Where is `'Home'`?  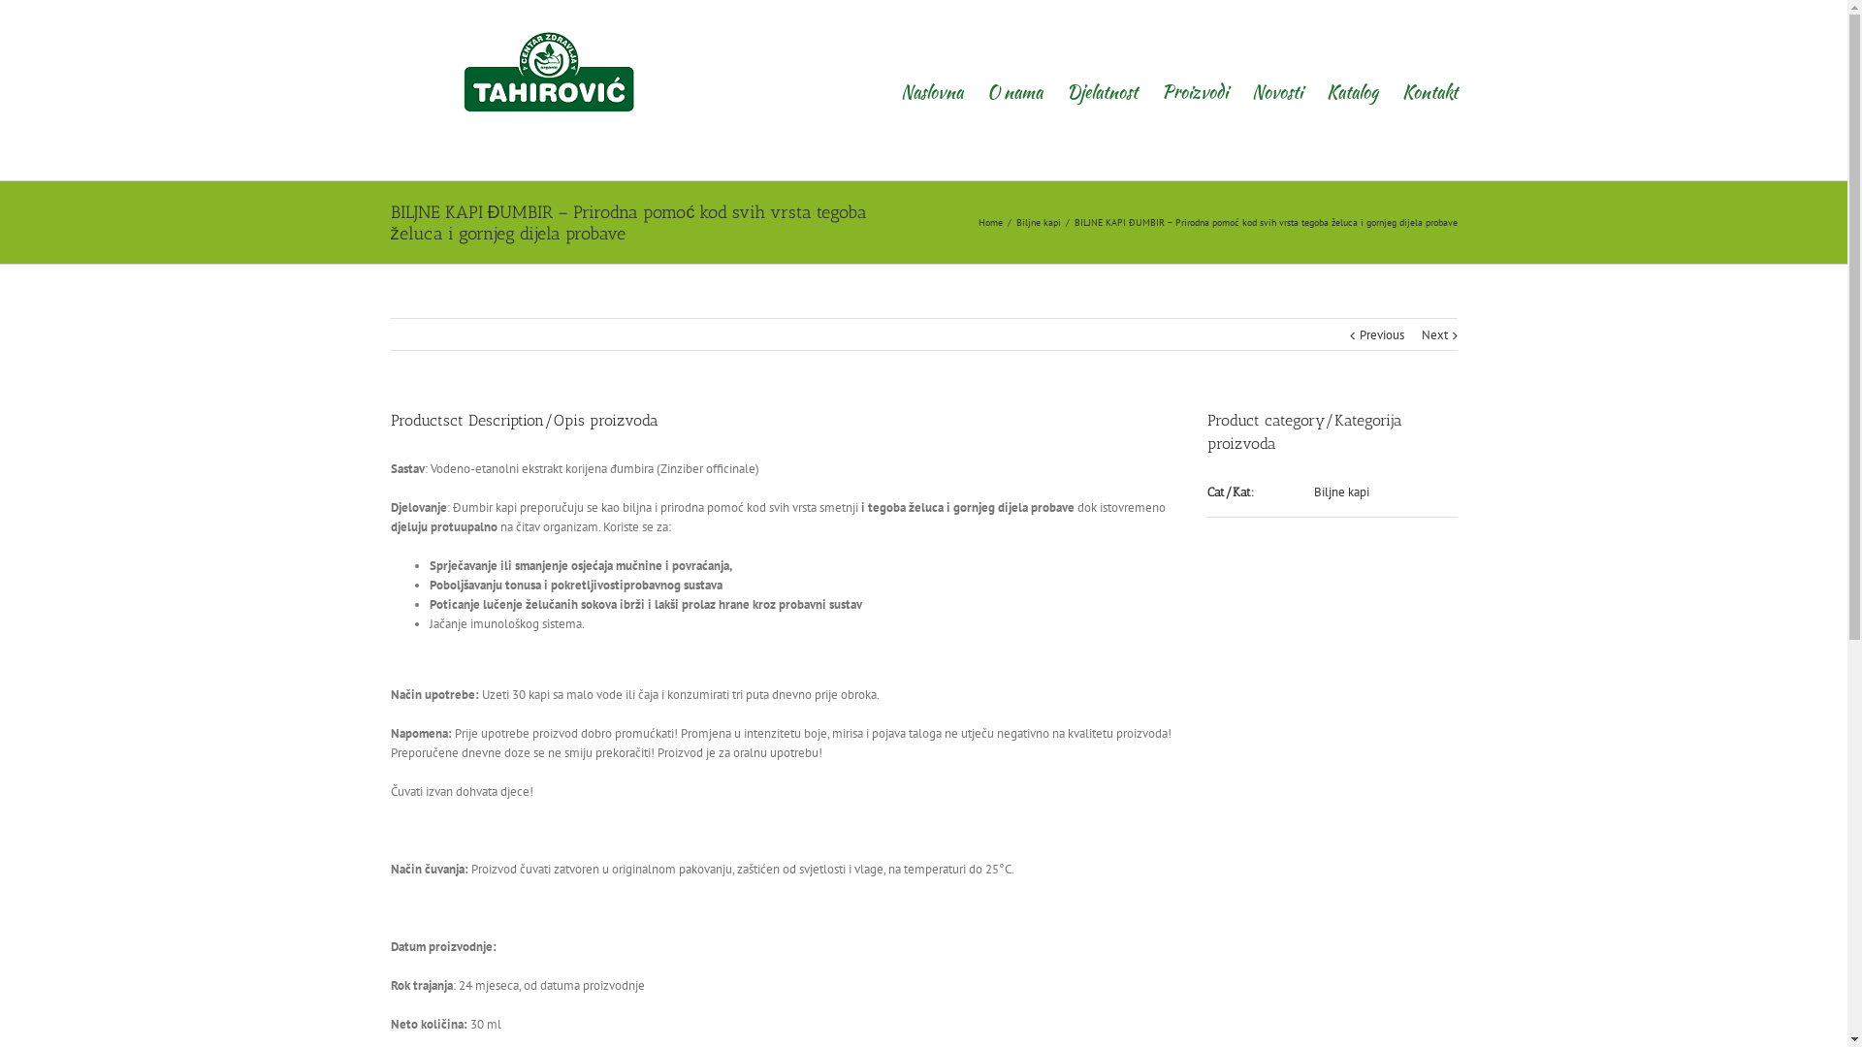
'Home' is located at coordinates (991, 221).